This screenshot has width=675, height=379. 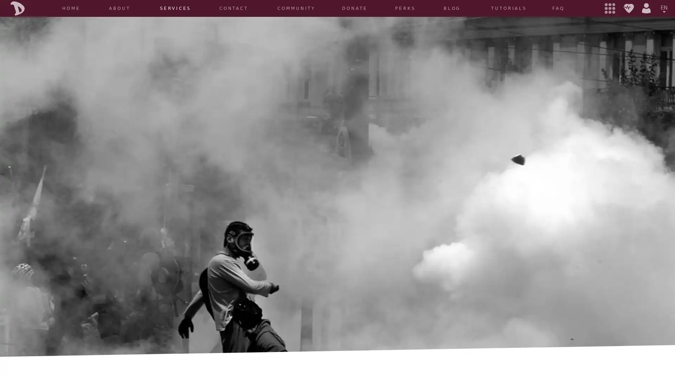 What do you see at coordinates (664, 7) in the screenshot?
I see `EN` at bounding box center [664, 7].